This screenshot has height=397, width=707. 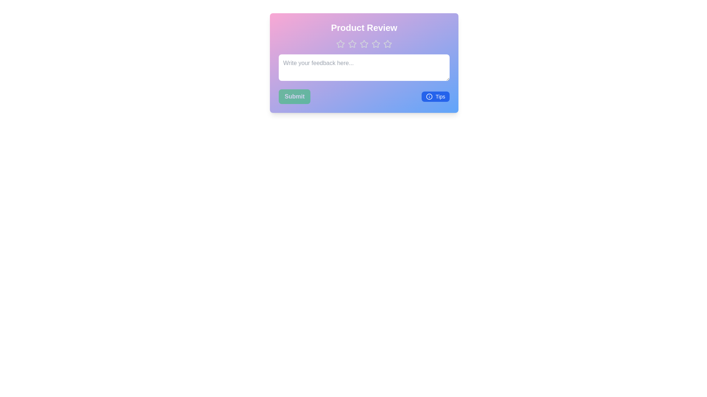 What do you see at coordinates (387, 44) in the screenshot?
I see `the star corresponding to 5 stars to set the rating` at bounding box center [387, 44].